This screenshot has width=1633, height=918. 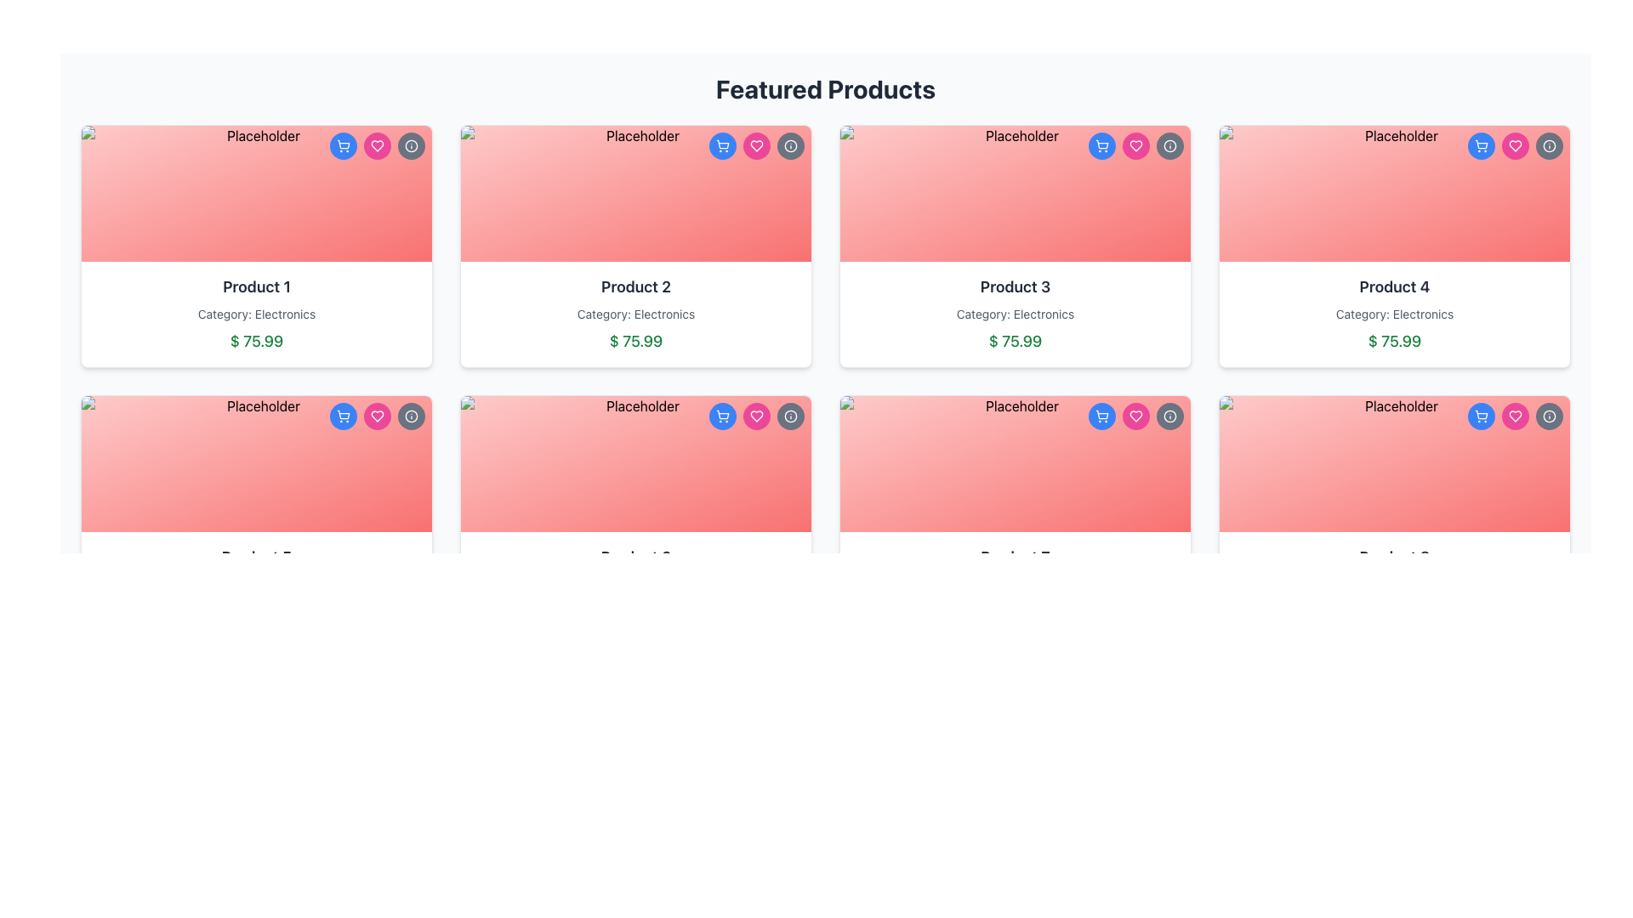 I want to click on bold text label displaying 'Product 3' located in the third product card of the product grid layout, so click(x=1016, y=286).